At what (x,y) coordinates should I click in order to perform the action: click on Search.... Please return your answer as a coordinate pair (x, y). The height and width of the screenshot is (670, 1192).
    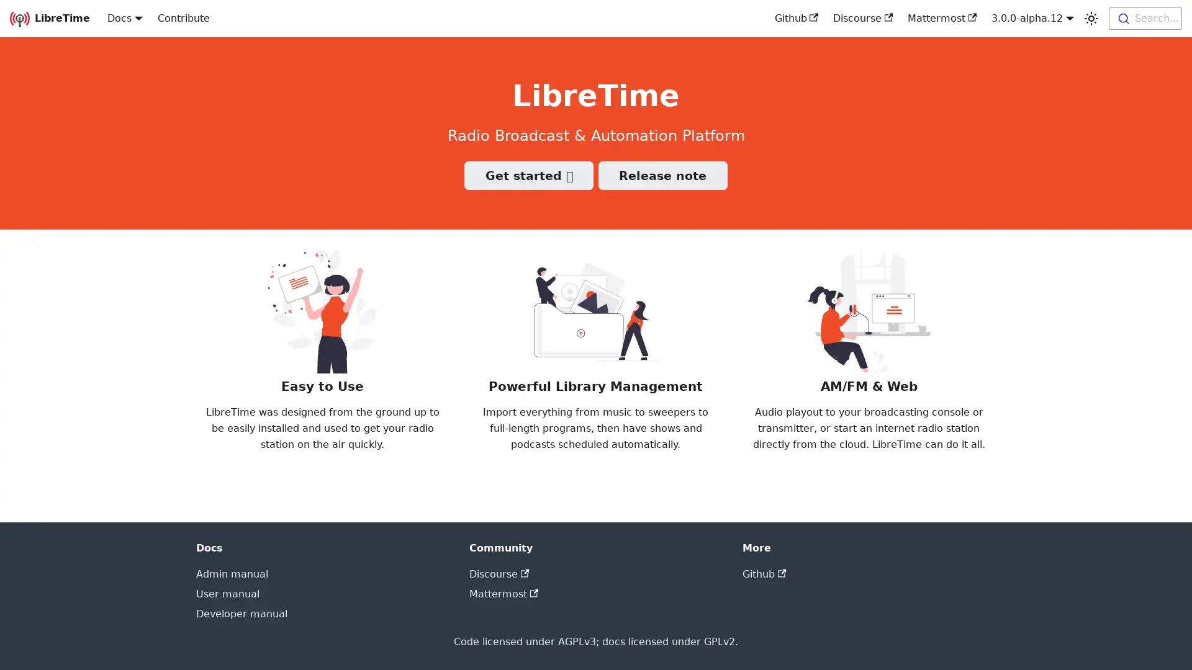
    Looking at the image, I should click on (1144, 19).